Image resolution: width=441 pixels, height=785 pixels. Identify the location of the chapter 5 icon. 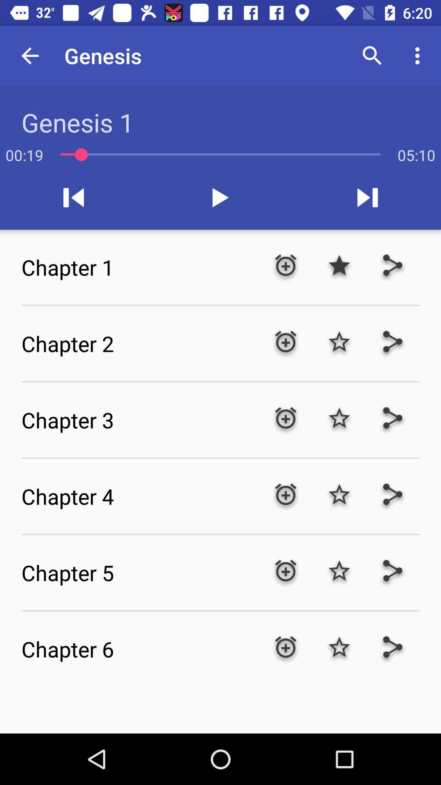
(140, 572).